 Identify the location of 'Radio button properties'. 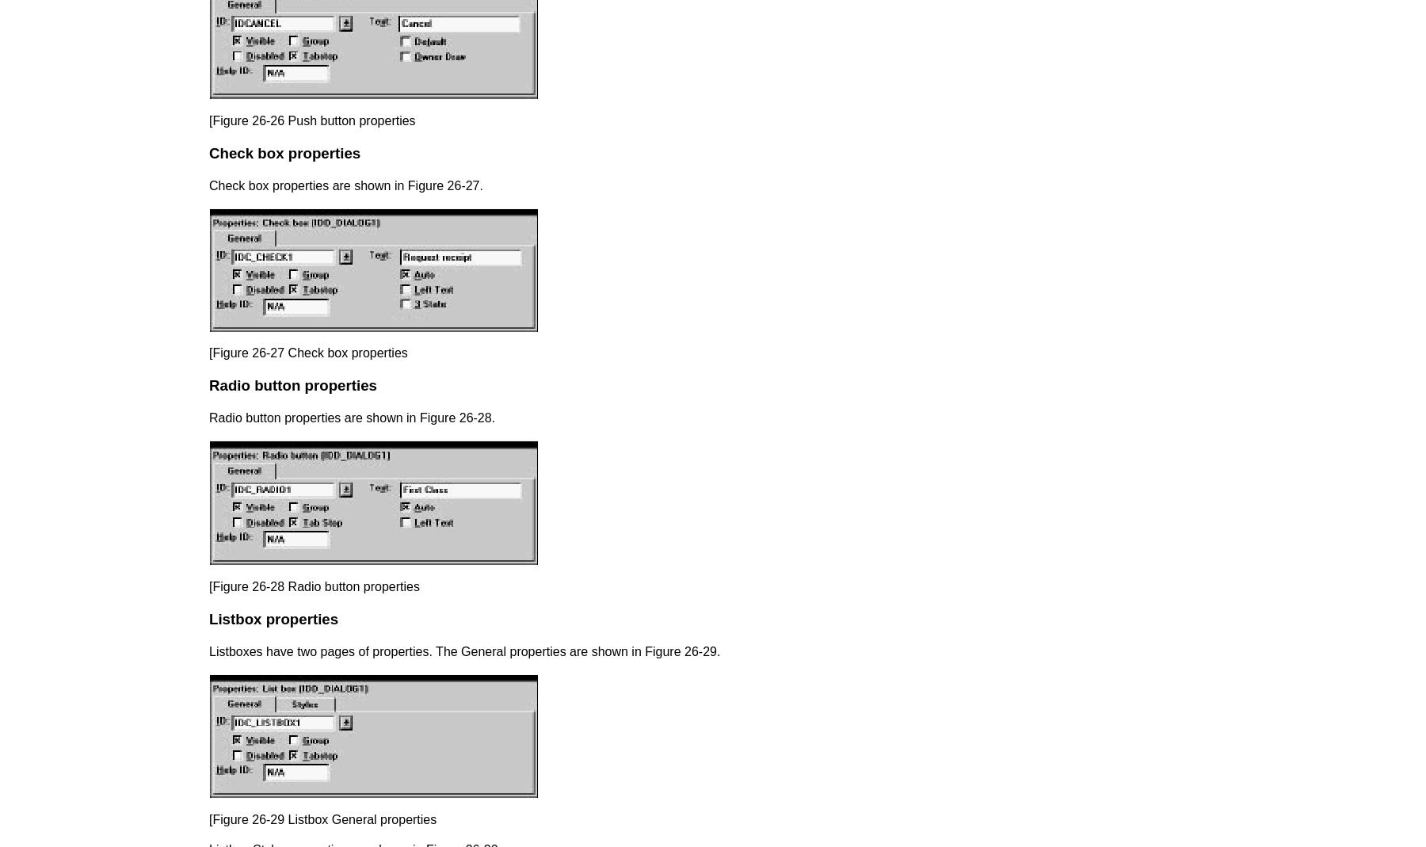
(292, 383).